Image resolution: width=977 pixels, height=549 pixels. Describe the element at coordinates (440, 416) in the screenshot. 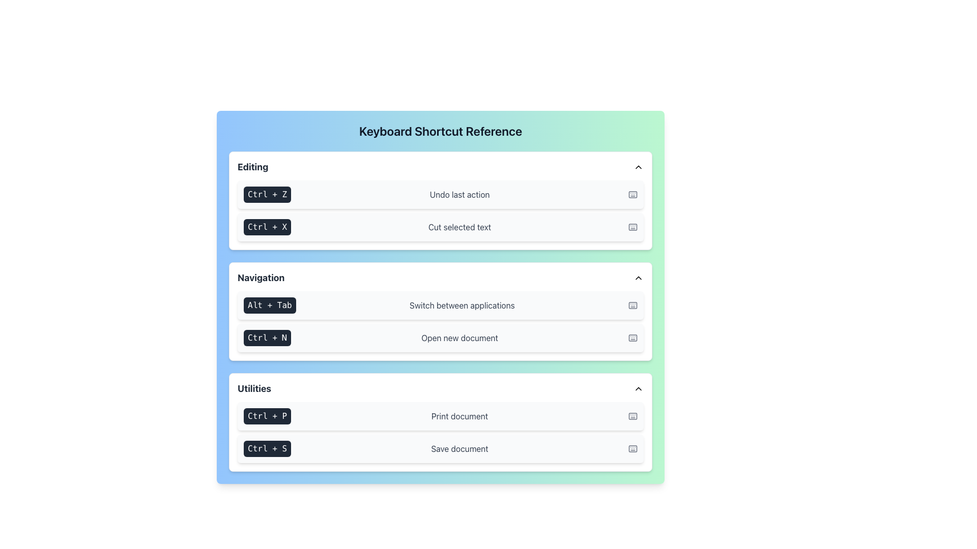

I see `keyboard shortcut description for 'Print document' which is displayed as 'Ctrl + P' in the first row item under the 'Utilities' section` at that location.